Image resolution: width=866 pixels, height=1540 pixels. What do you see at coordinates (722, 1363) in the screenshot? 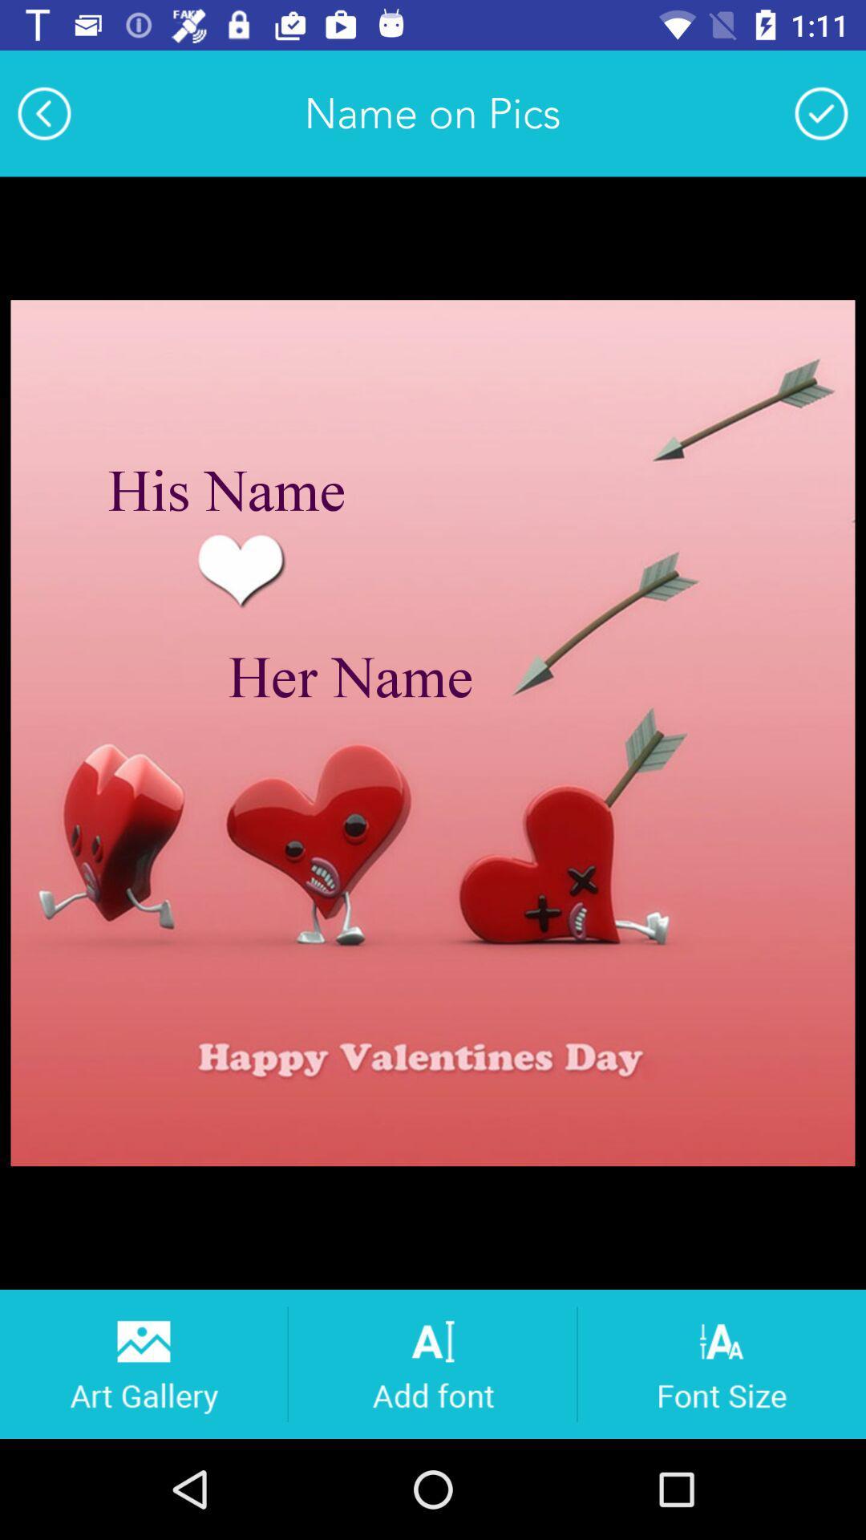
I see `open font size menu` at bounding box center [722, 1363].